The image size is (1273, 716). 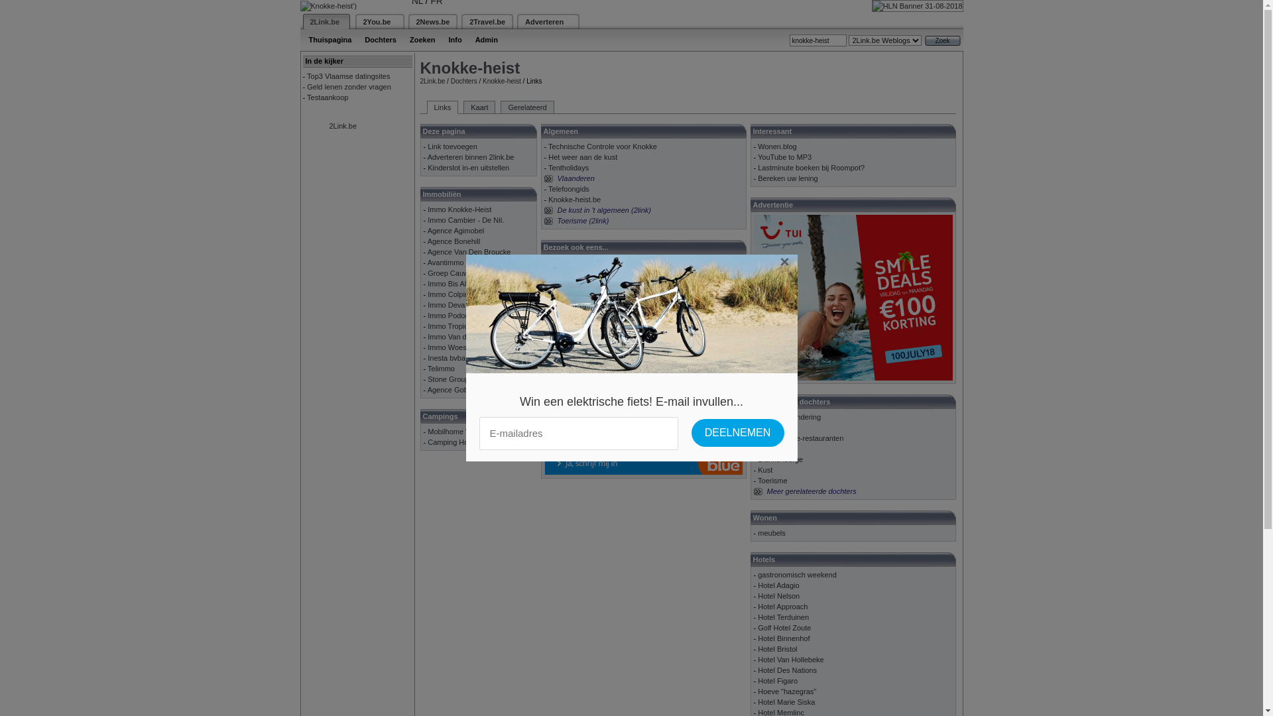 I want to click on 'Immo Van de walle', so click(x=458, y=336).